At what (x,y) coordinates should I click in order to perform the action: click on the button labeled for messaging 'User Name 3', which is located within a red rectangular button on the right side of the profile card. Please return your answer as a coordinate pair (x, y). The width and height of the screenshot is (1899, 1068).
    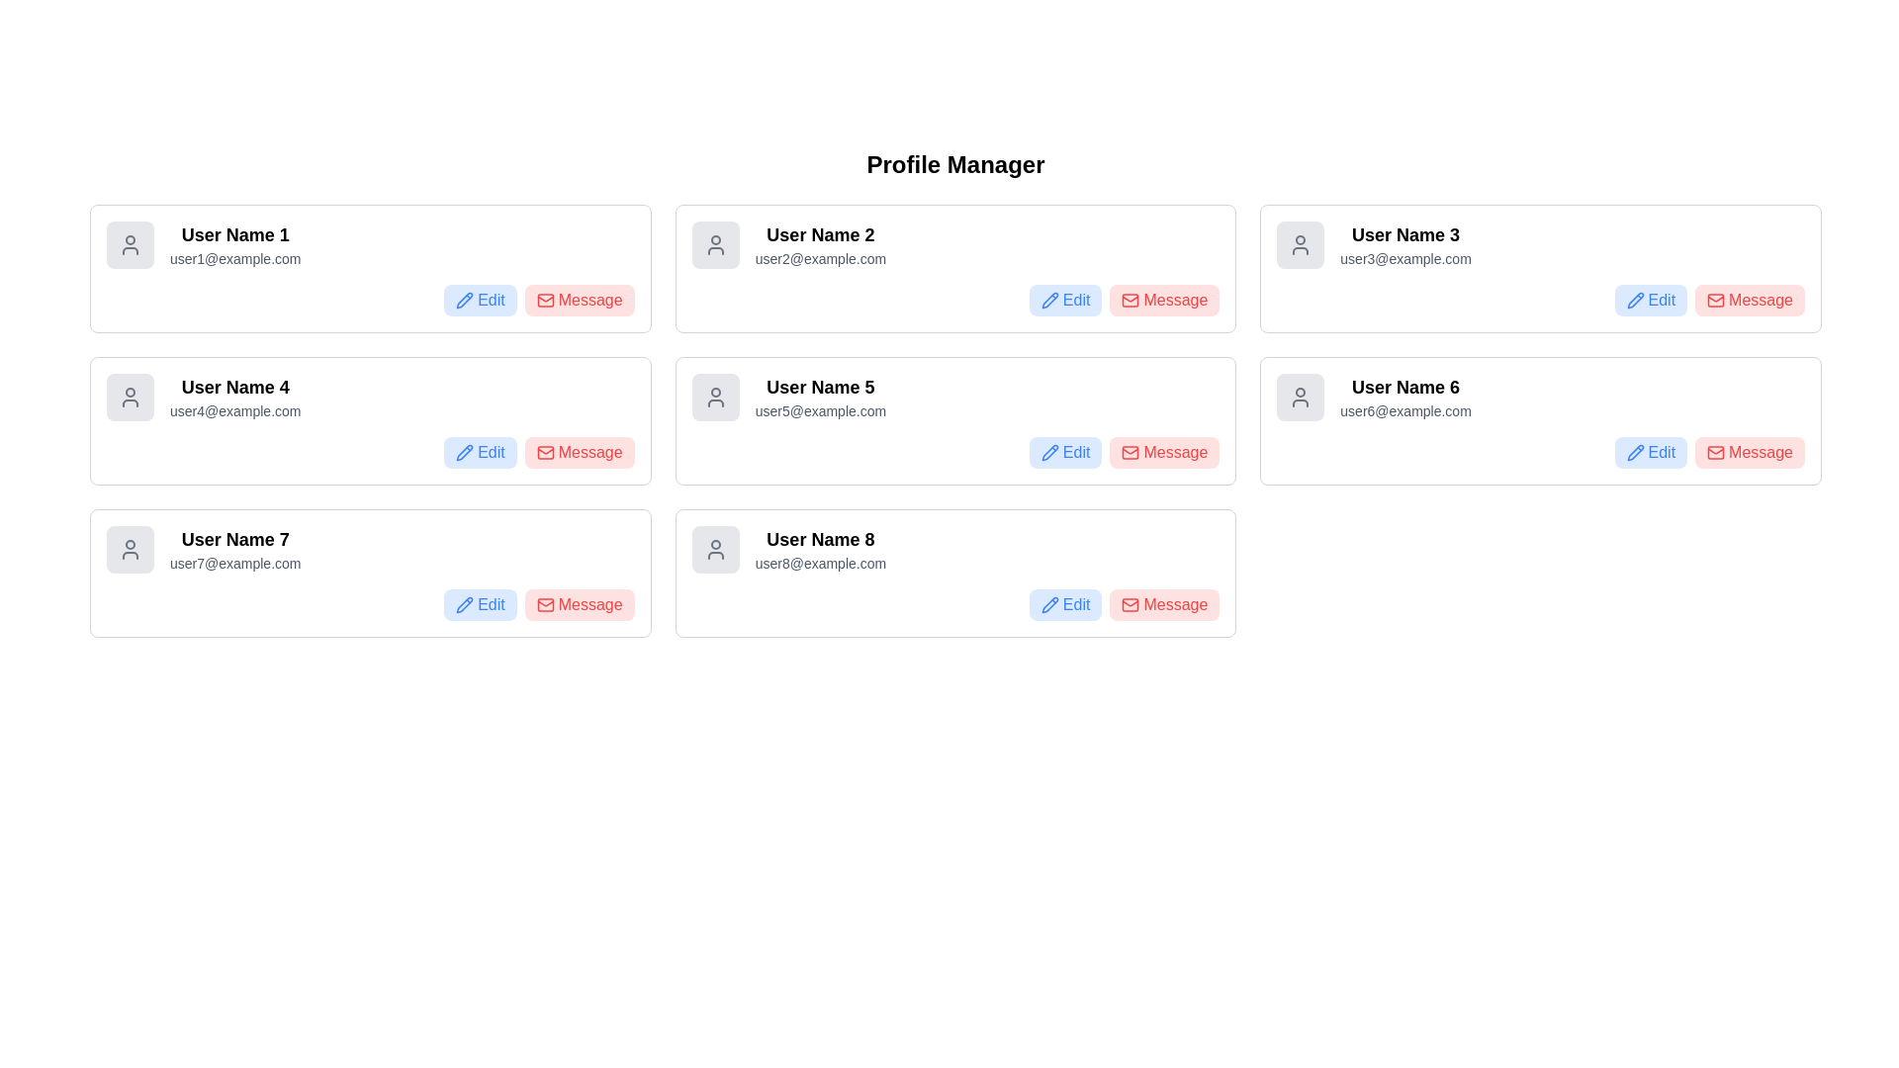
    Looking at the image, I should click on (1761, 301).